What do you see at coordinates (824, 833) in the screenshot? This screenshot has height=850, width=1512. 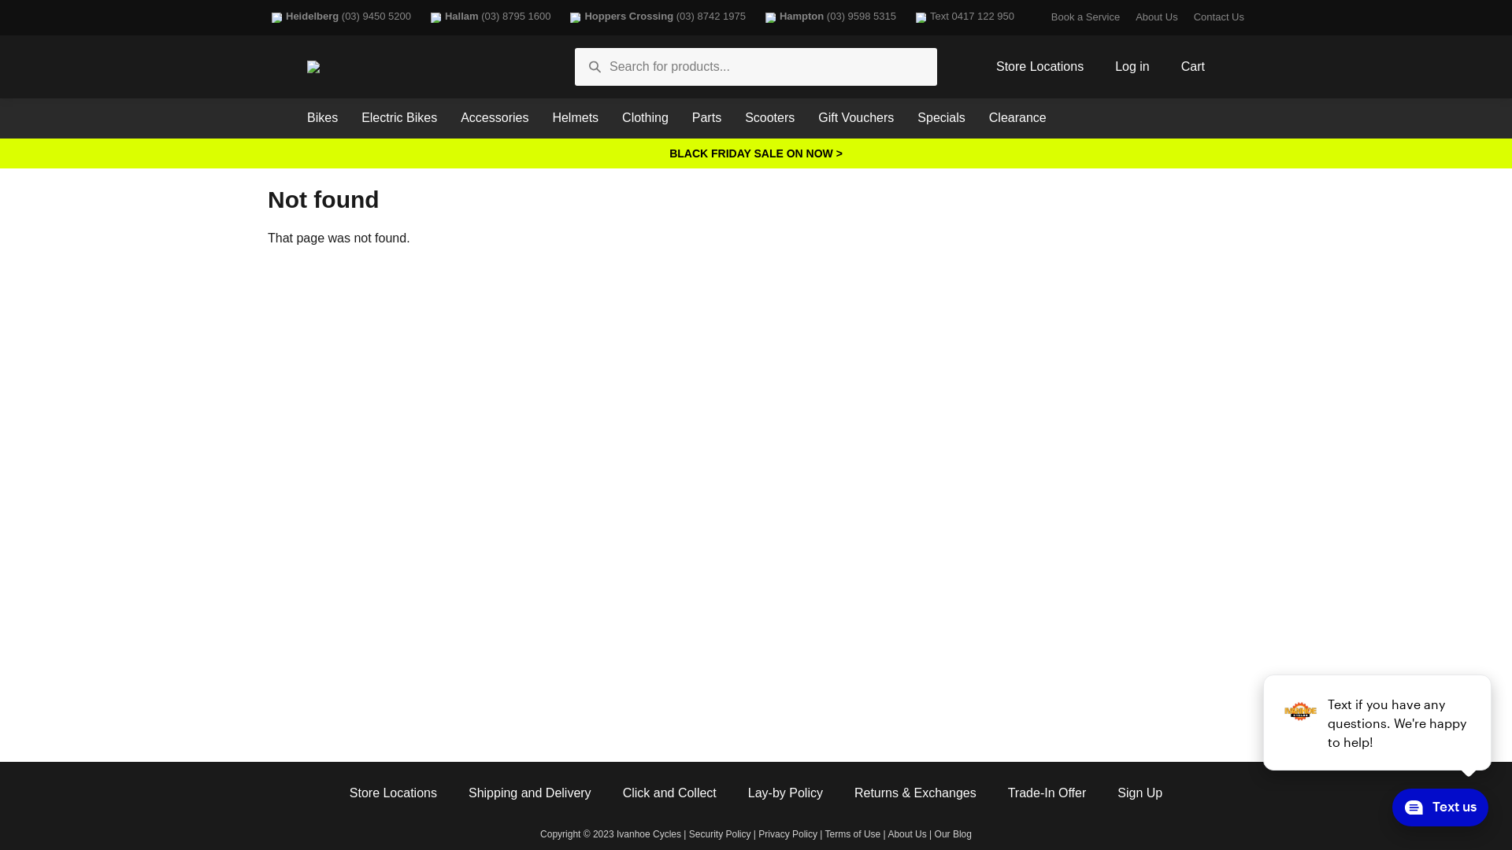 I see `'Terms of Use'` at bounding box center [824, 833].